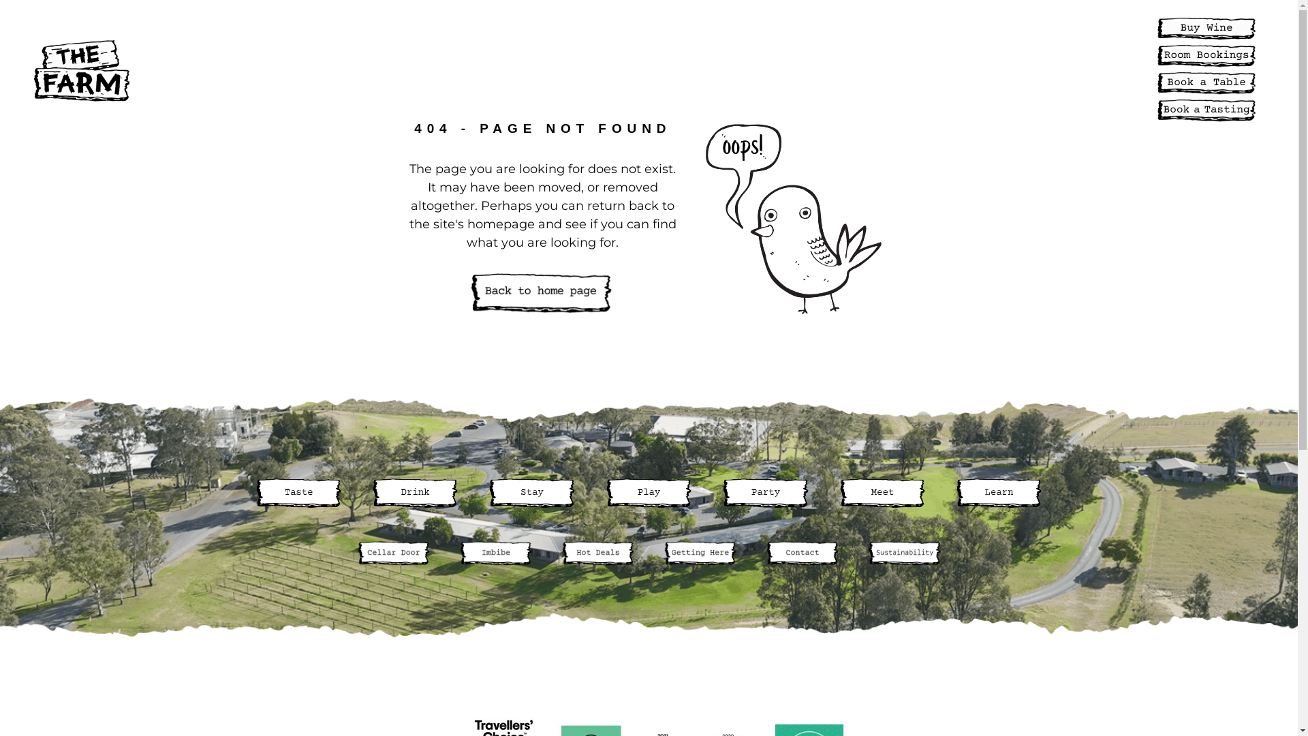 Image resolution: width=1308 pixels, height=736 pixels. Describe the element at coordinates (801, 553) in the screenshot. I see `'Contact-12'` at that location.